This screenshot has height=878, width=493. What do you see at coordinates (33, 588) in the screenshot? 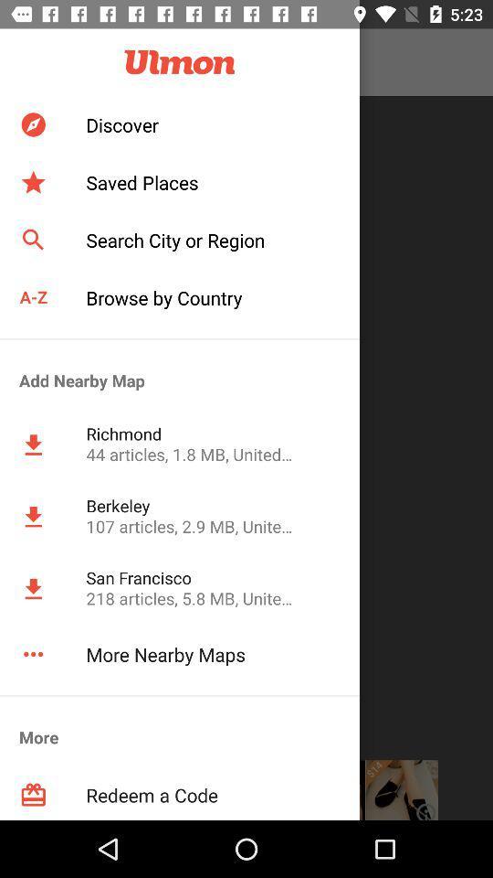
I see `the third download button` at bounding box center [33, 588].